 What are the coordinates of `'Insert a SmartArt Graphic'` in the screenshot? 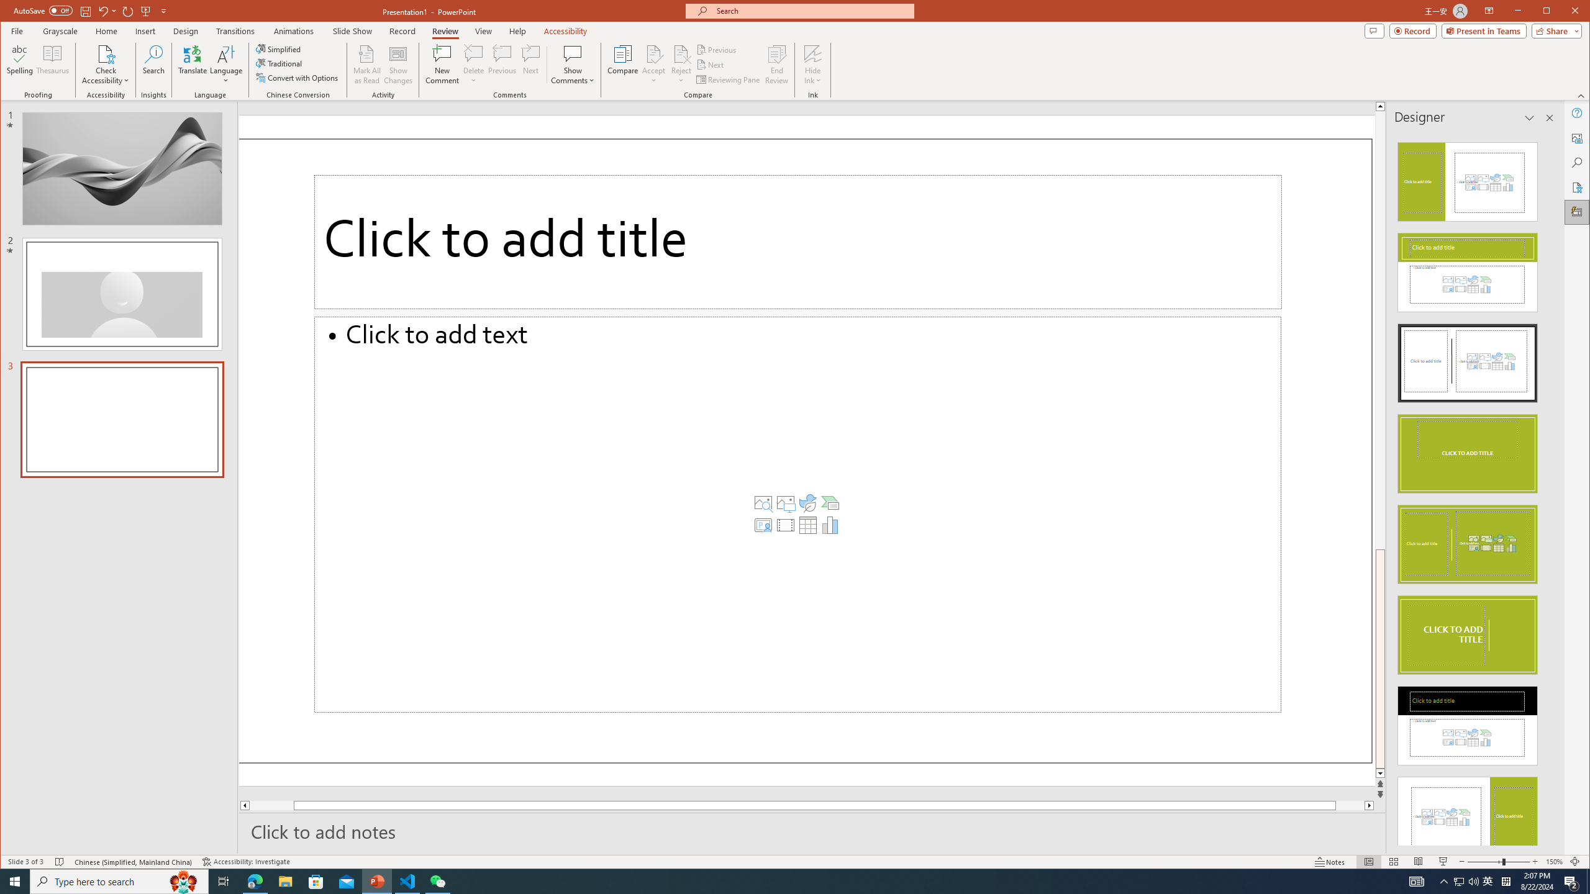 It's located at (830, 502).